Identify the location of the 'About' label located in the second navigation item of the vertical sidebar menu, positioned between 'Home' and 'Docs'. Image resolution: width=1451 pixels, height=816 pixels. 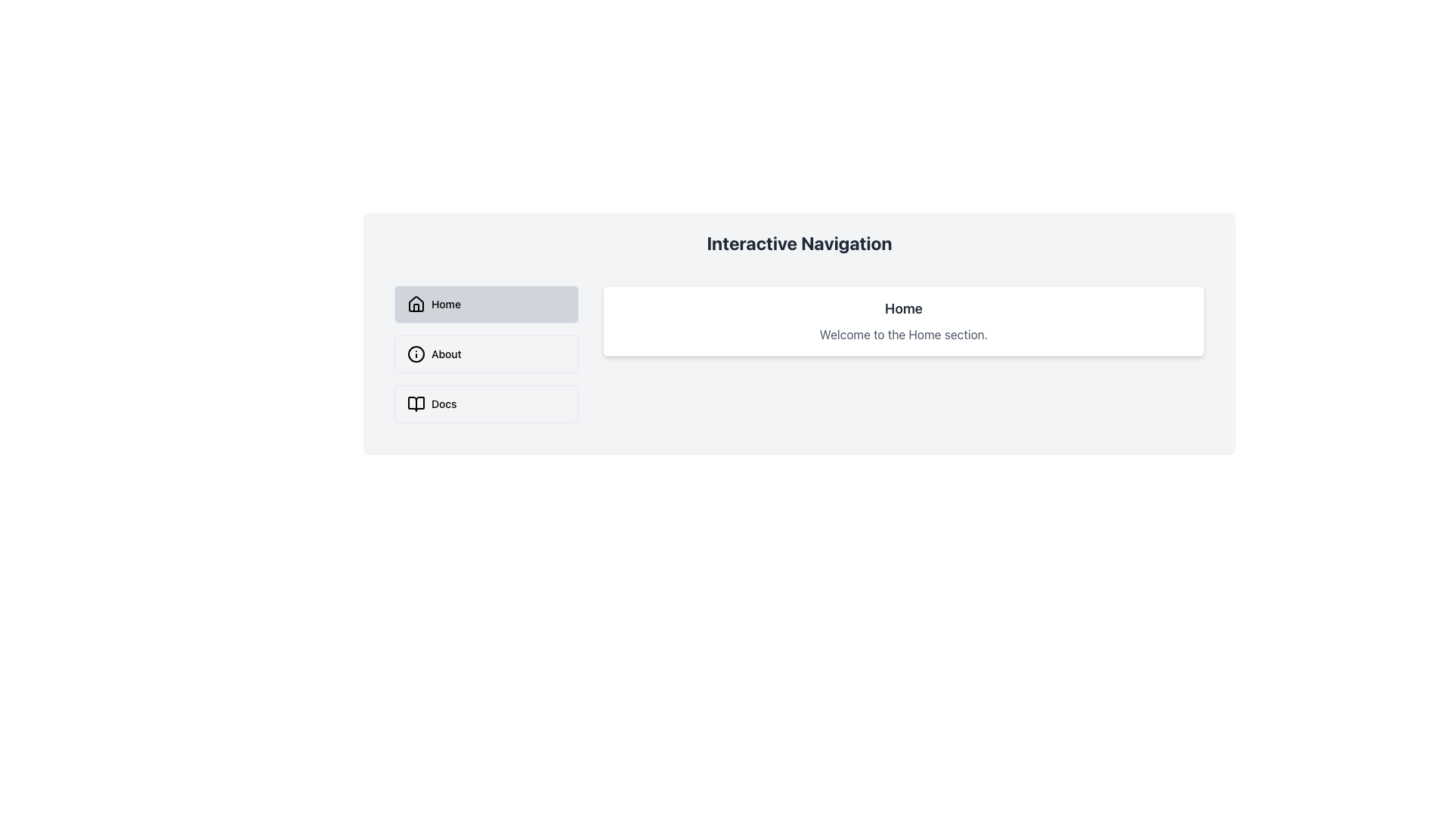
(445, 354).